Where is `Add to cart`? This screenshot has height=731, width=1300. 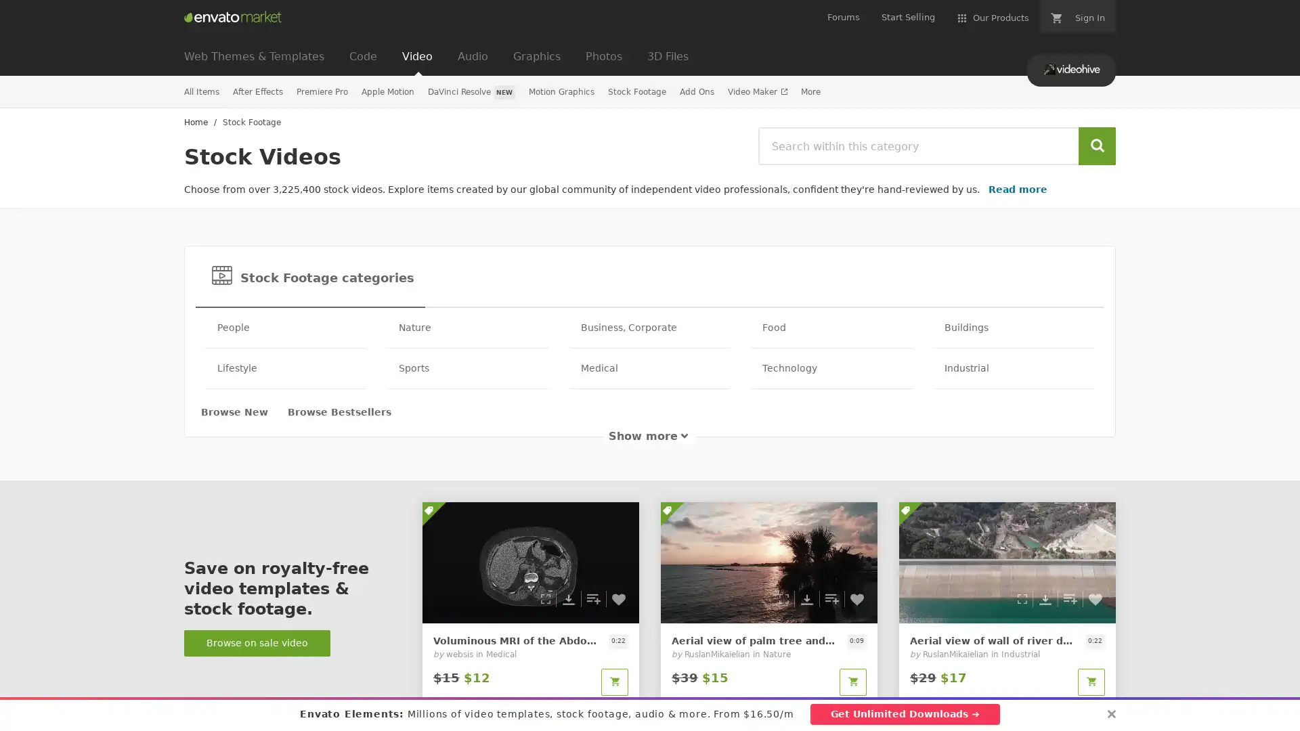
Add to cart is located at coordinates (613, 682).